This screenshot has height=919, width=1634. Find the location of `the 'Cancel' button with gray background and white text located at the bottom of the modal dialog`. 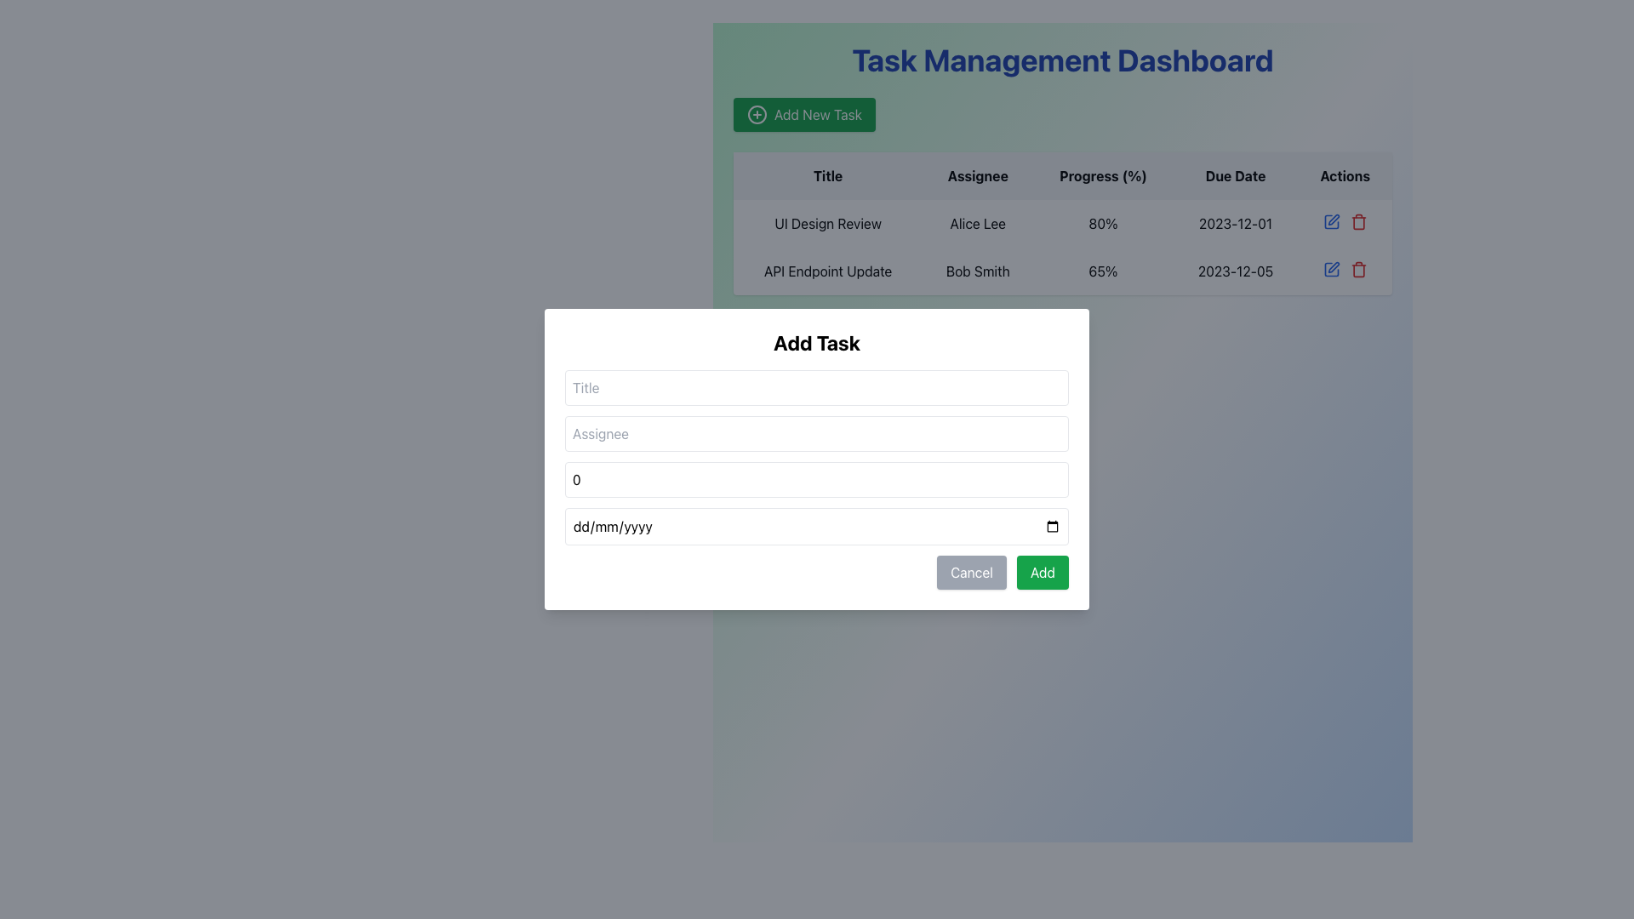

the 'Cancel' button with gray background and white text located at the bottom of the modal dialog is located at coordinates (972, 572).